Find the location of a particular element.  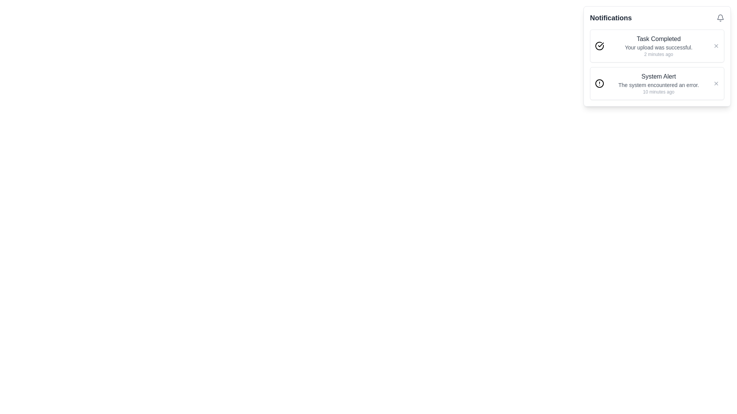

the text label displaying 'Task Completed' which is styled in bold and located at the top of the notification group in the right-hand notification panel is located at coordinates (658, 39).